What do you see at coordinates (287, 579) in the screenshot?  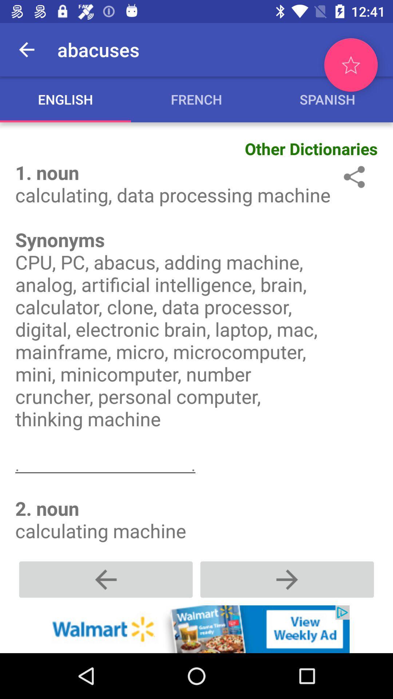 I see `click on next` at bounding box center [287, 579].